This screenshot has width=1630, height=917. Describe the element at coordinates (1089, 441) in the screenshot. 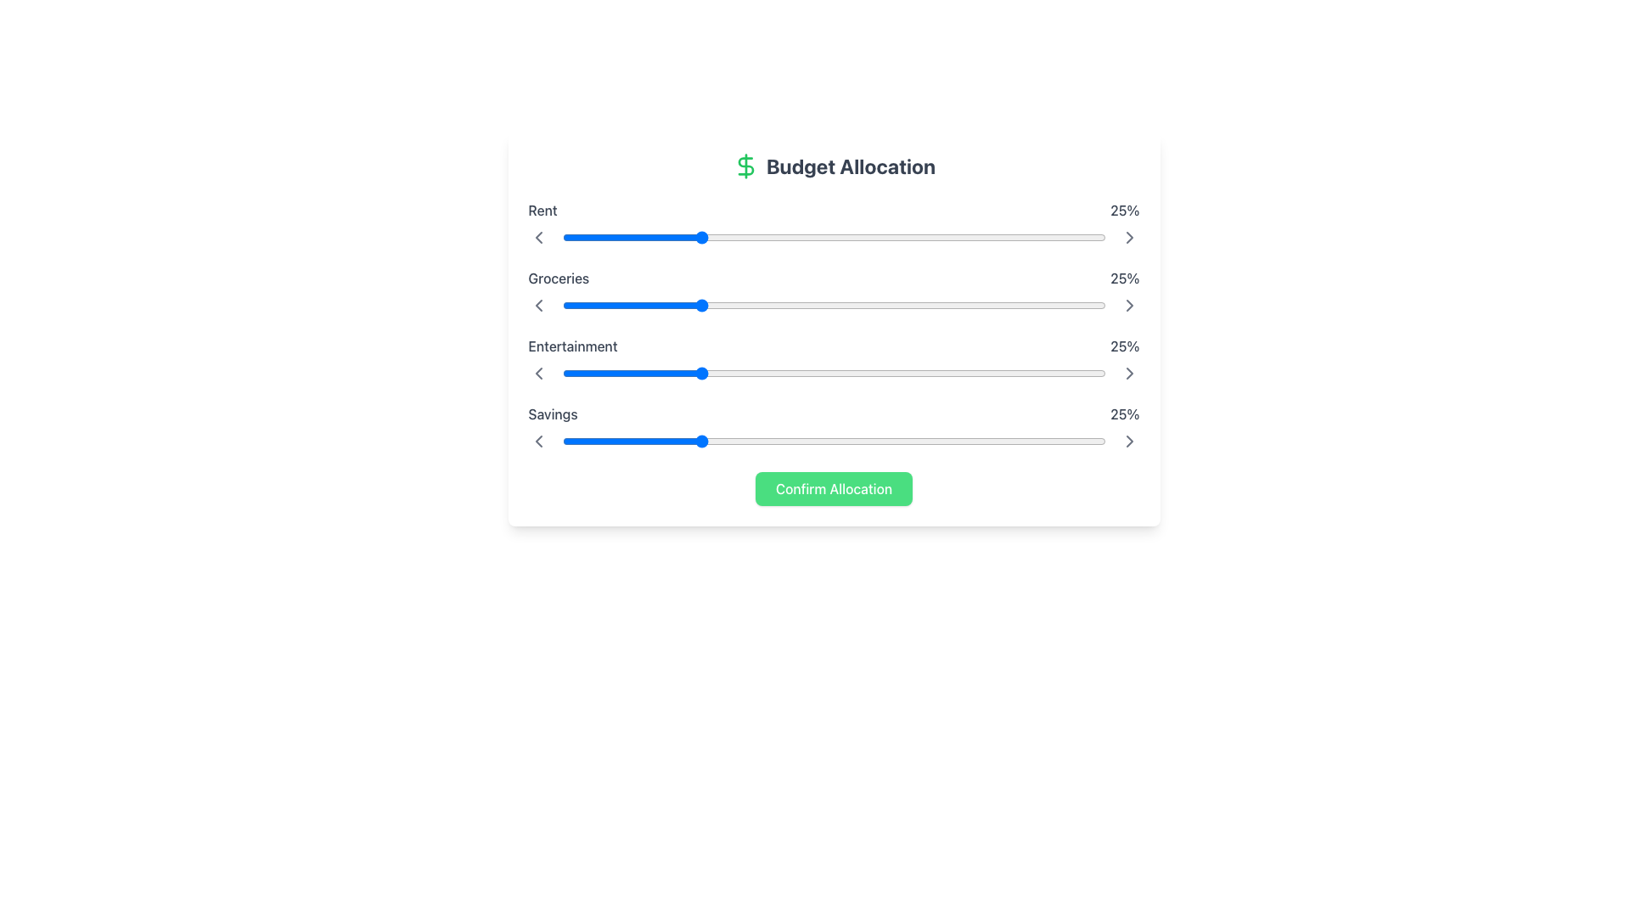

I see `the slider value` at that location.